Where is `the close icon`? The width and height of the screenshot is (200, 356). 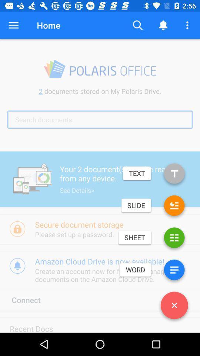 the close icon is located at coordinates (174, 307).